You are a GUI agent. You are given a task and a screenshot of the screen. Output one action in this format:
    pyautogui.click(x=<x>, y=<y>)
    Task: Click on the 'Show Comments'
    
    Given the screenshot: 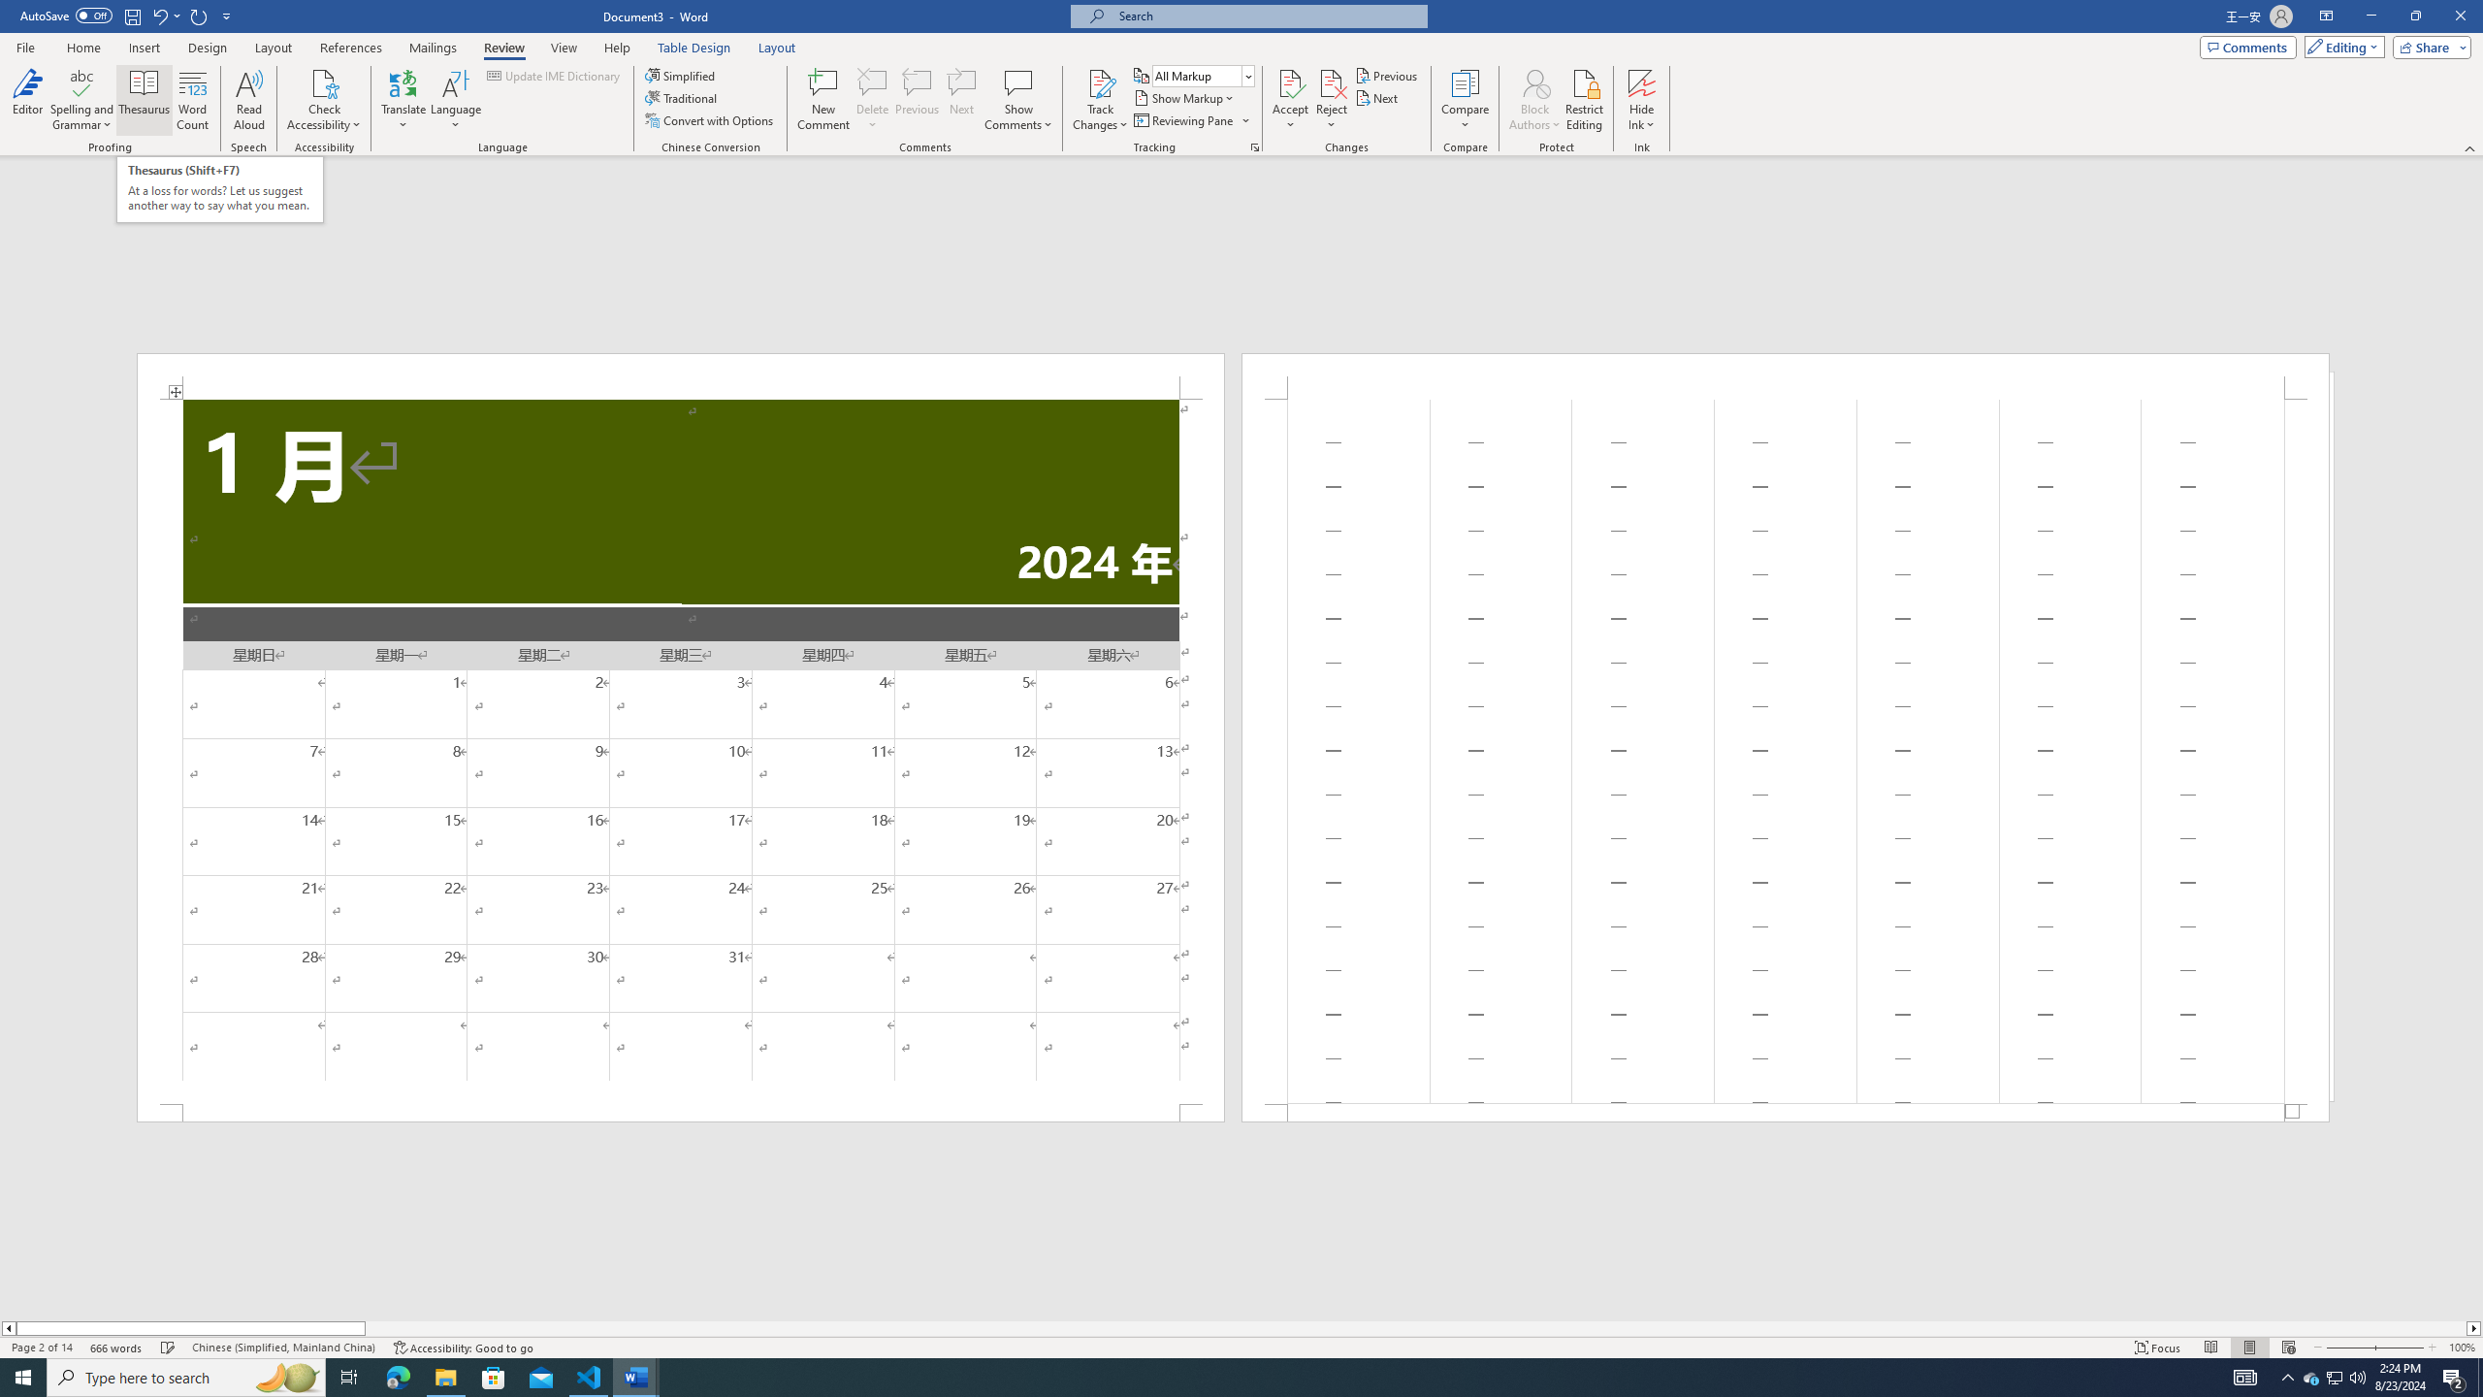 What is the action you would take?
    pyautogui.click(x=1017, y=81)
    